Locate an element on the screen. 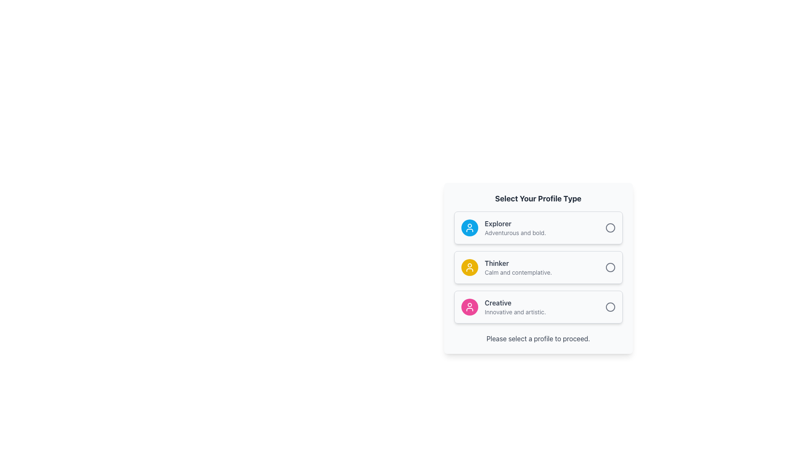 The width and height of the screenshot is (809, 455). the circular user silhouette icon with a blue background, which is the first profile type selector next to the 'Explorer' label is located at coordinates (469, 227).